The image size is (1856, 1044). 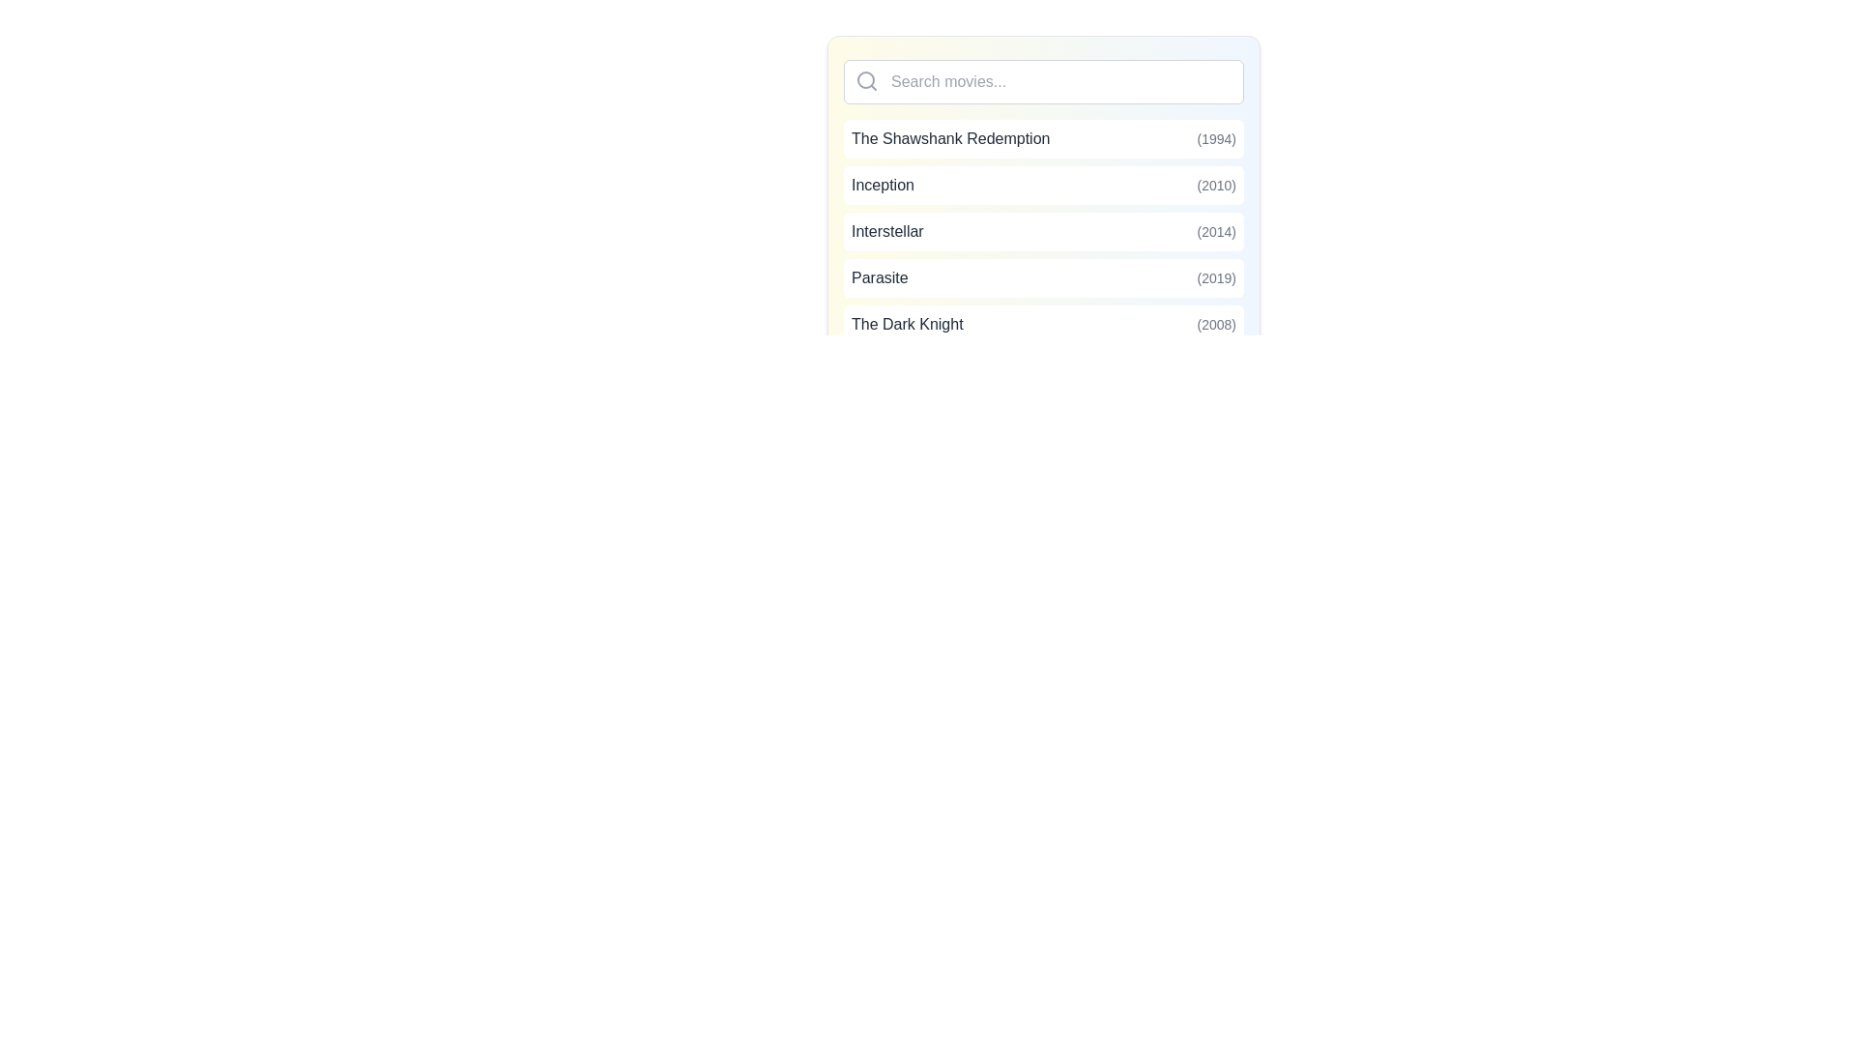 What do you see at coordinates (1215, 186) in the screenshot?
I see `the text label displaying '(2010)', which is styled in gray font and positioned to the right of the text label 'Inception' in the second row of a vertical list of movie titles` at bounding box center [1215, 186].